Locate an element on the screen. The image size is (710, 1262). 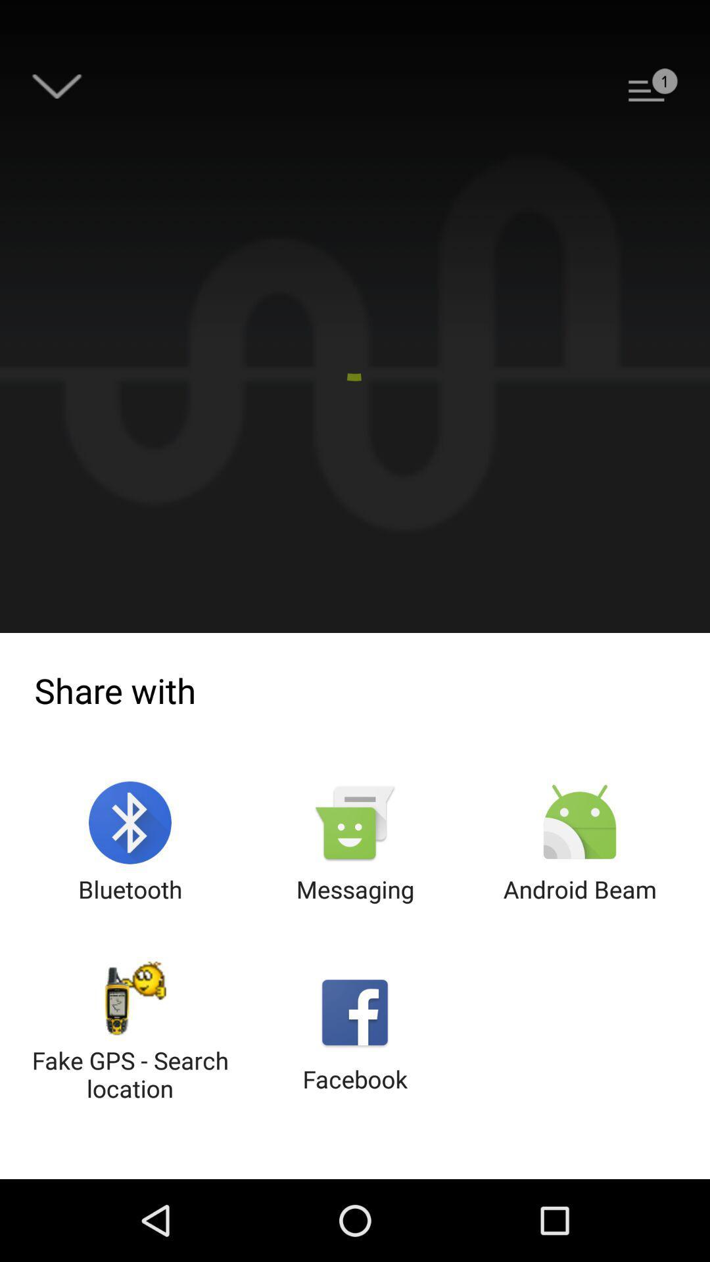
the bluetooth is located at coordinates (130, 843).